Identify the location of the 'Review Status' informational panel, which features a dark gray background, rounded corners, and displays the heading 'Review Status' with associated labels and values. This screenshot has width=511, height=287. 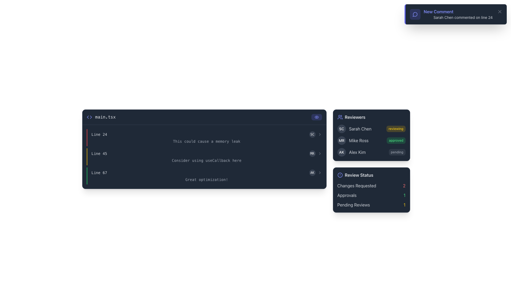
(371, 189).